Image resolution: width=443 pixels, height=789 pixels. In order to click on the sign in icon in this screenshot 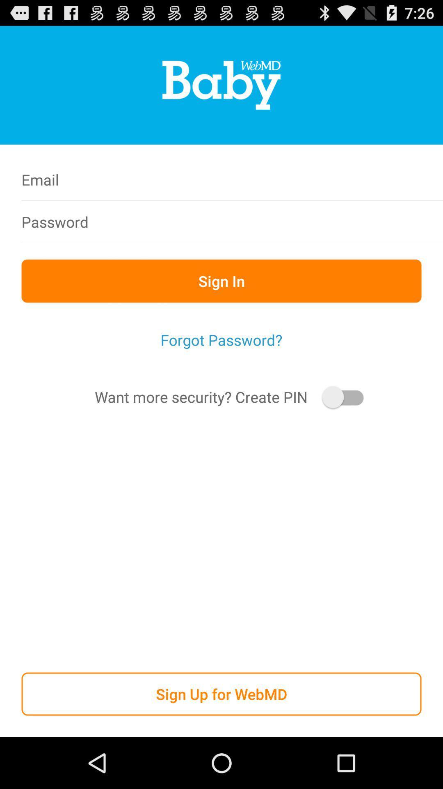, I will do `click(221, 281)`.